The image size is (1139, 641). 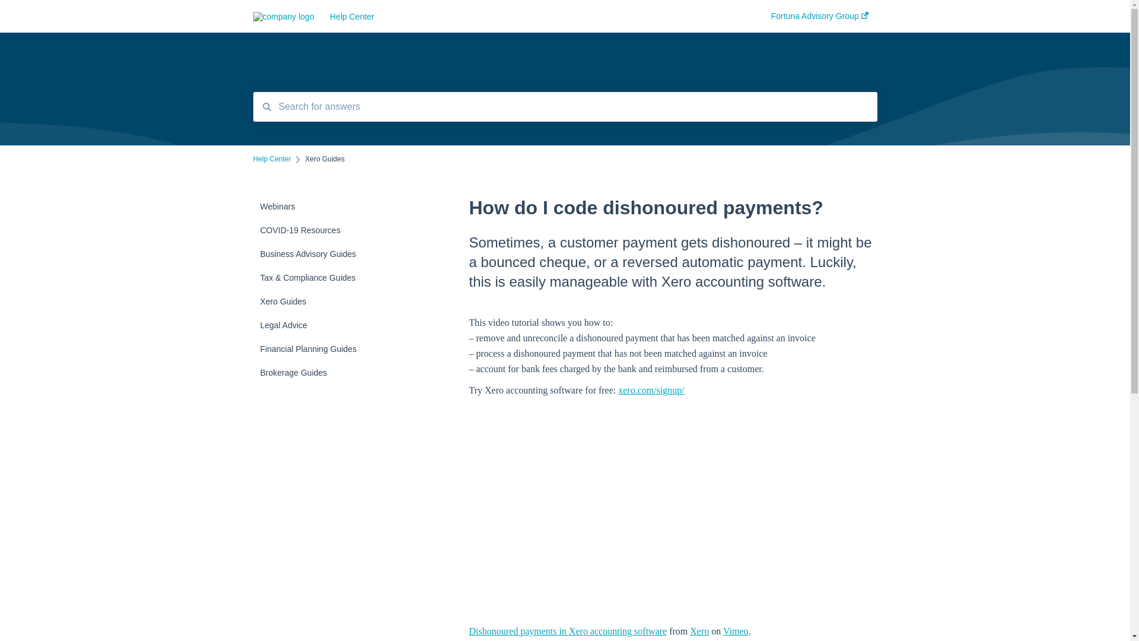 What do you see at coordinates (324, 372) in the screenshot?
I see `'Brokerage Guides'` at bounding box center [324, 372].